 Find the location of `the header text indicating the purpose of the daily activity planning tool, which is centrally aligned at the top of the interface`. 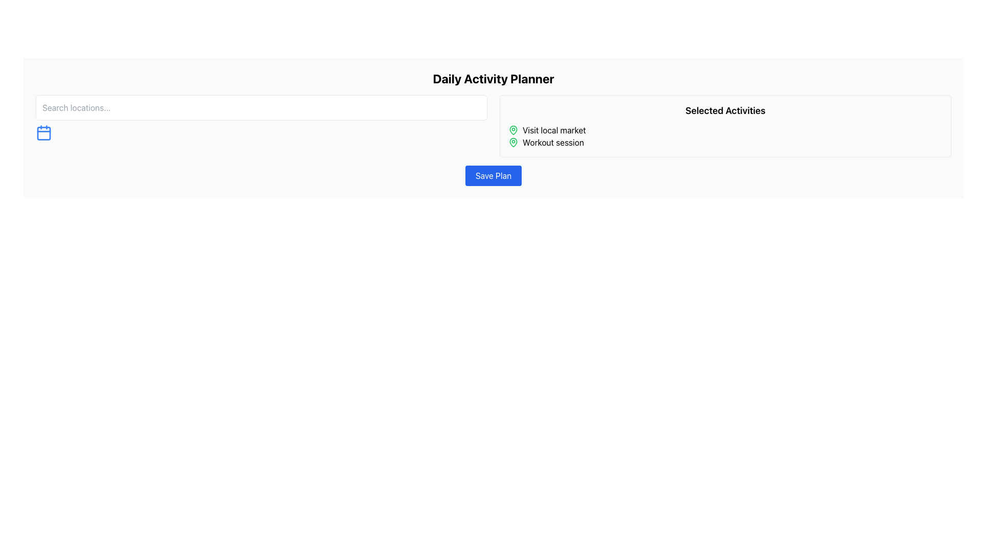

the header text indicating the purpose of the daily activity planning tool, which is centrally aligned at the top of the interface is located at coordinates (493, 78).